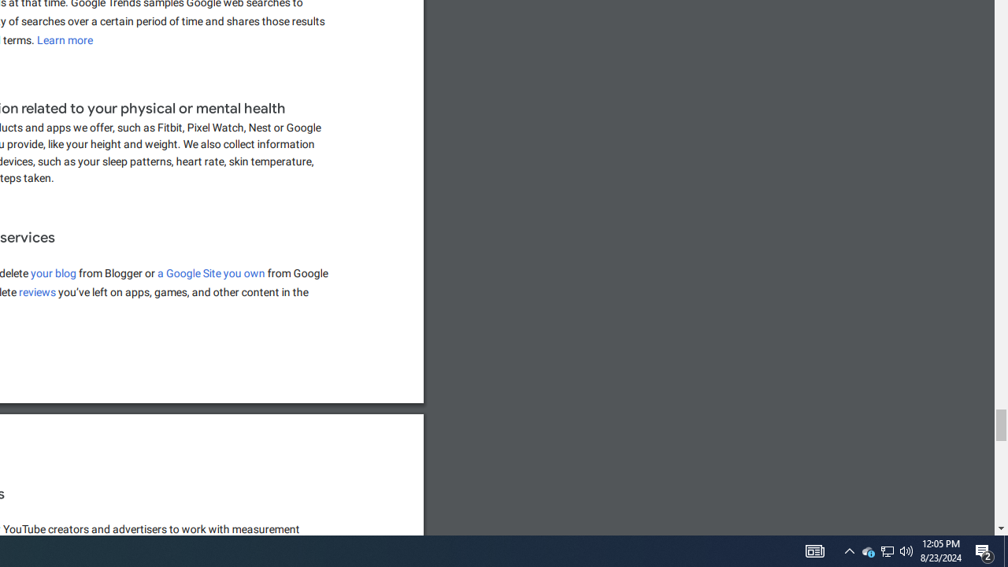 This screenshot has width=1008, height=567. Describe the element at coordinates (54, 272) in the screenshot. I see `'your blog'` at that location.